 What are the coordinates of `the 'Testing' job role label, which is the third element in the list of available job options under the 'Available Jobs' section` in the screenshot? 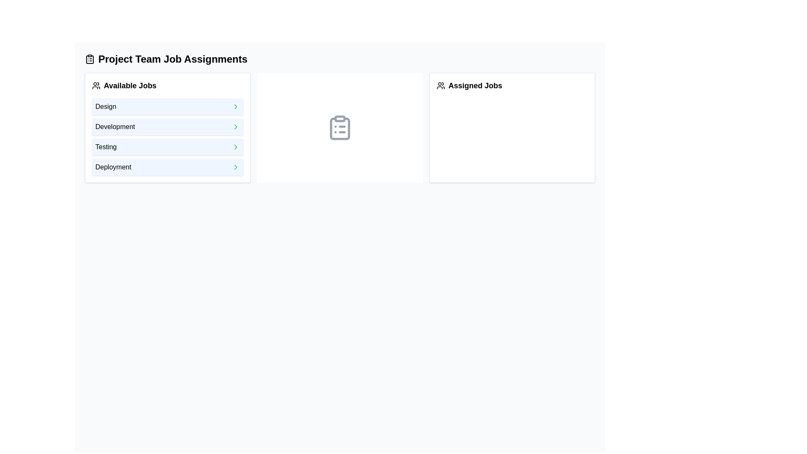 It's located at (105, 147).